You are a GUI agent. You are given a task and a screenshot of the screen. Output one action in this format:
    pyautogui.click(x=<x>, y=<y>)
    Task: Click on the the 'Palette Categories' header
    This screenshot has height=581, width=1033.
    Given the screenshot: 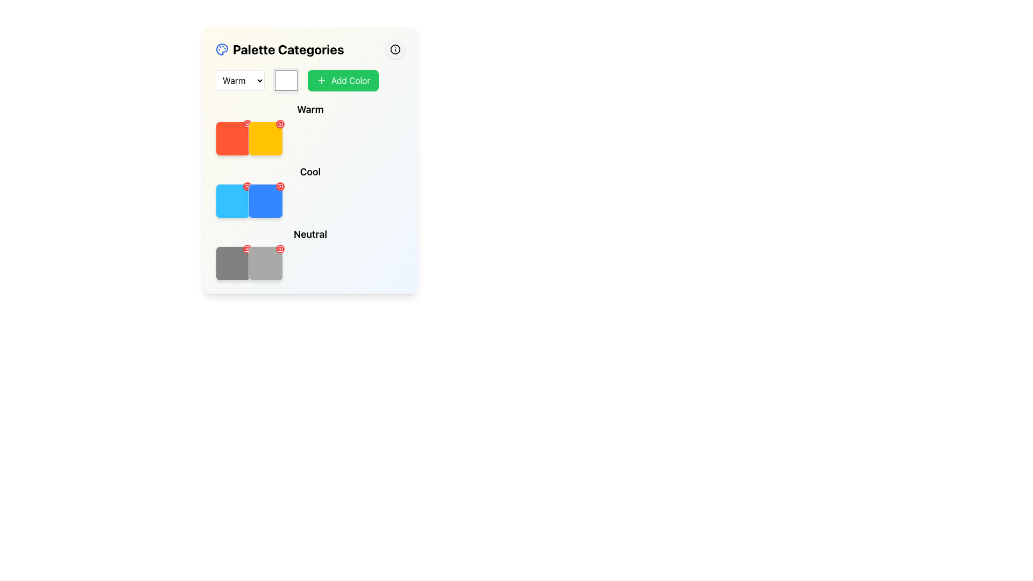 What is the action you would take?
    pyautogui.click(x=309, y=49)
    